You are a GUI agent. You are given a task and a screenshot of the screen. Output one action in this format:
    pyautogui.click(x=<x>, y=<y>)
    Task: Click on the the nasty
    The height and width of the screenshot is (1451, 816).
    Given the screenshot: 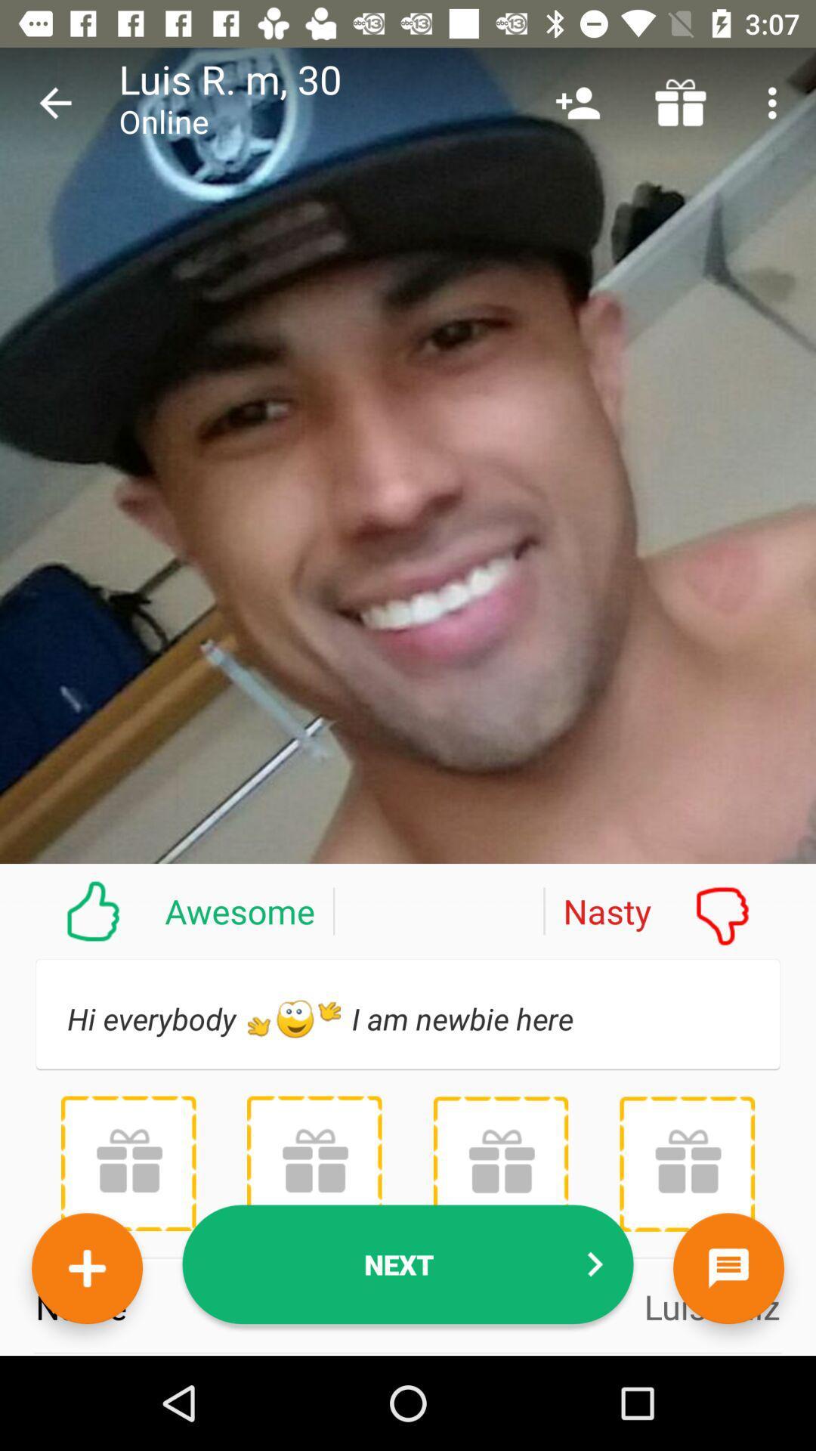 What is the action you would take?
    pyautogui.click(x=678, y=910)
    